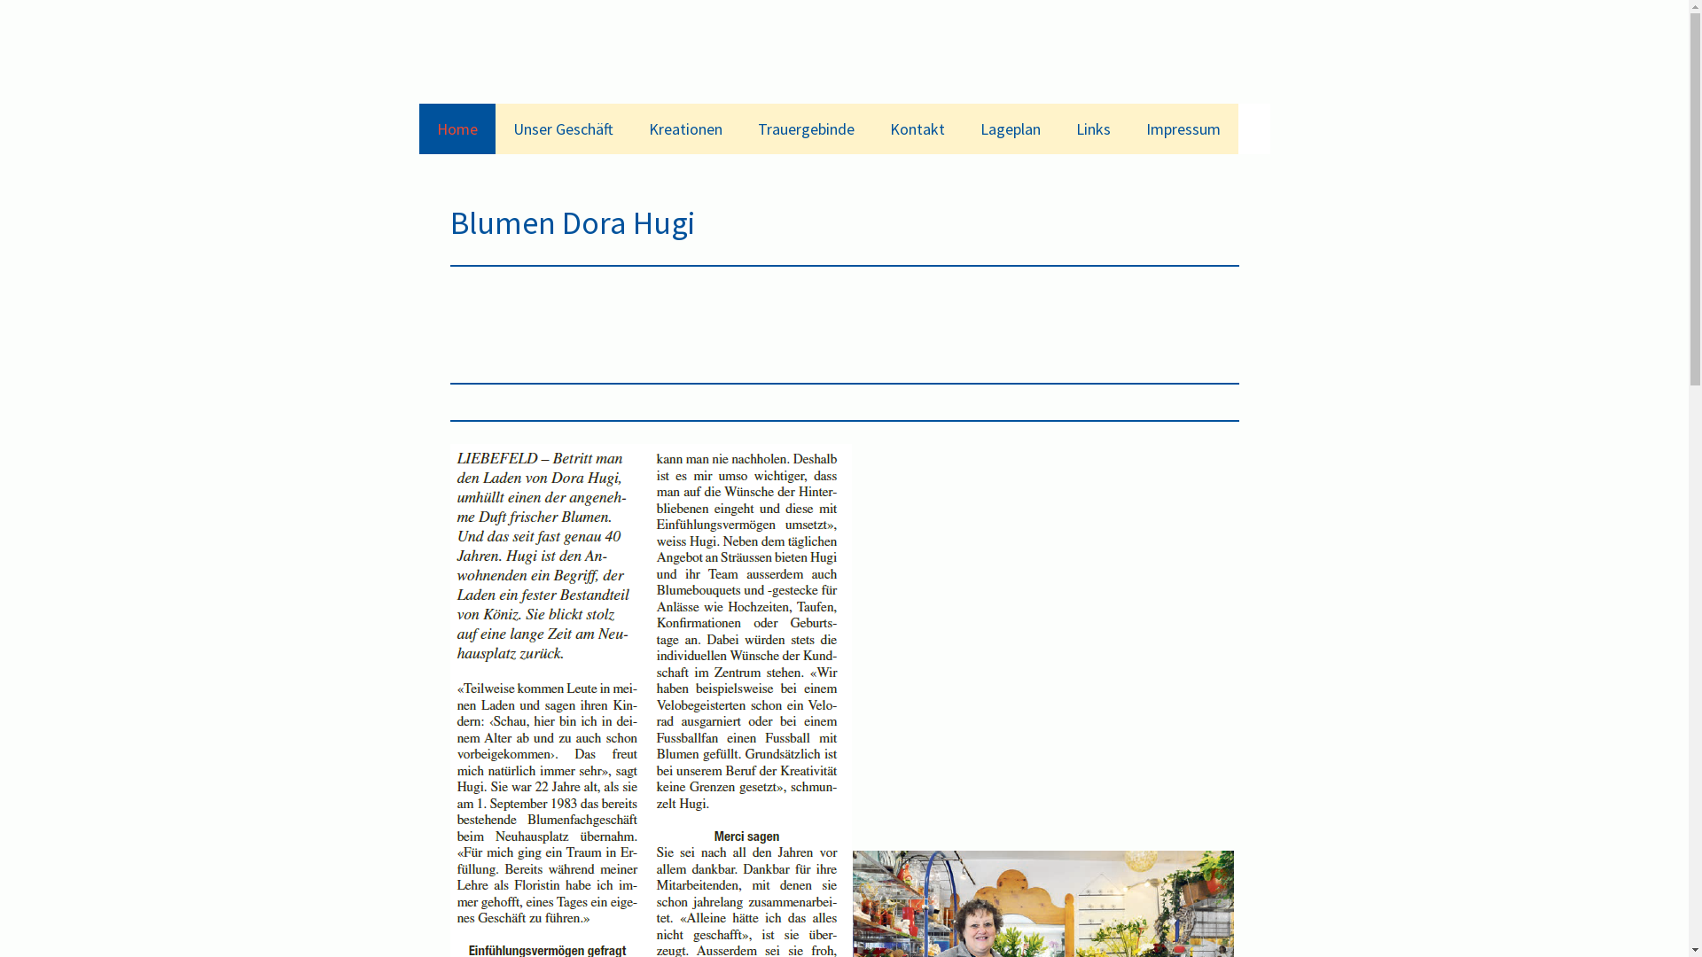  Describe the element at coordinates (917, 128) in the screenshot. I see `'Kontakt'` at that location.